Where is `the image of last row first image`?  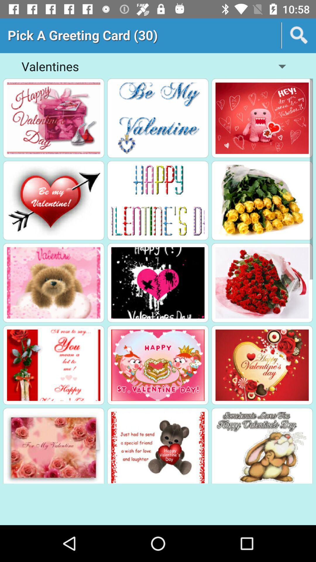
the image of last row first image is located at coordinates (54, 447).